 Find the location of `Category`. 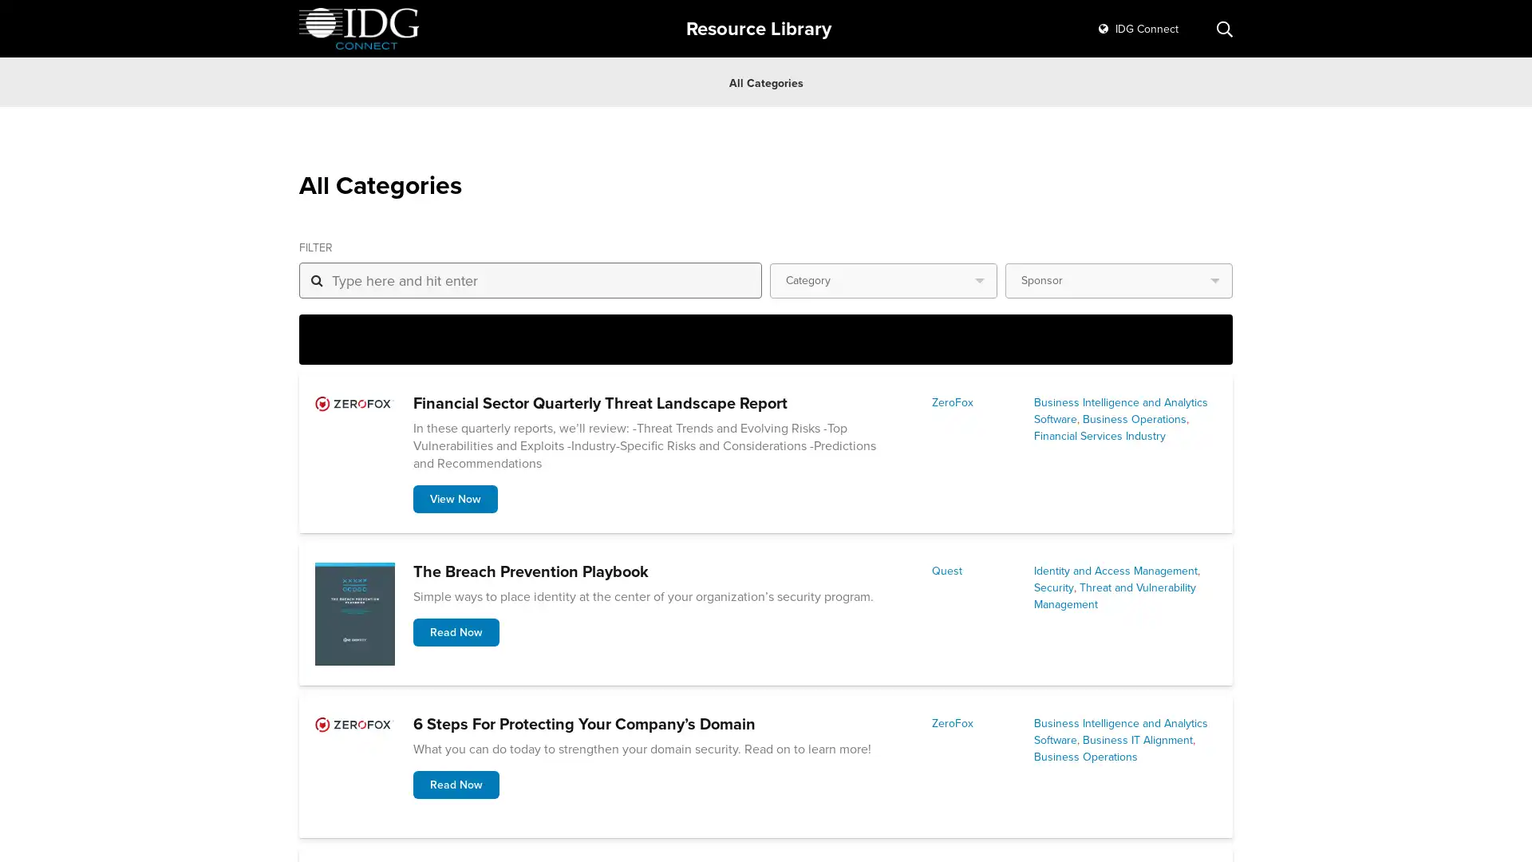

Category is located at coordinates (882, 279).